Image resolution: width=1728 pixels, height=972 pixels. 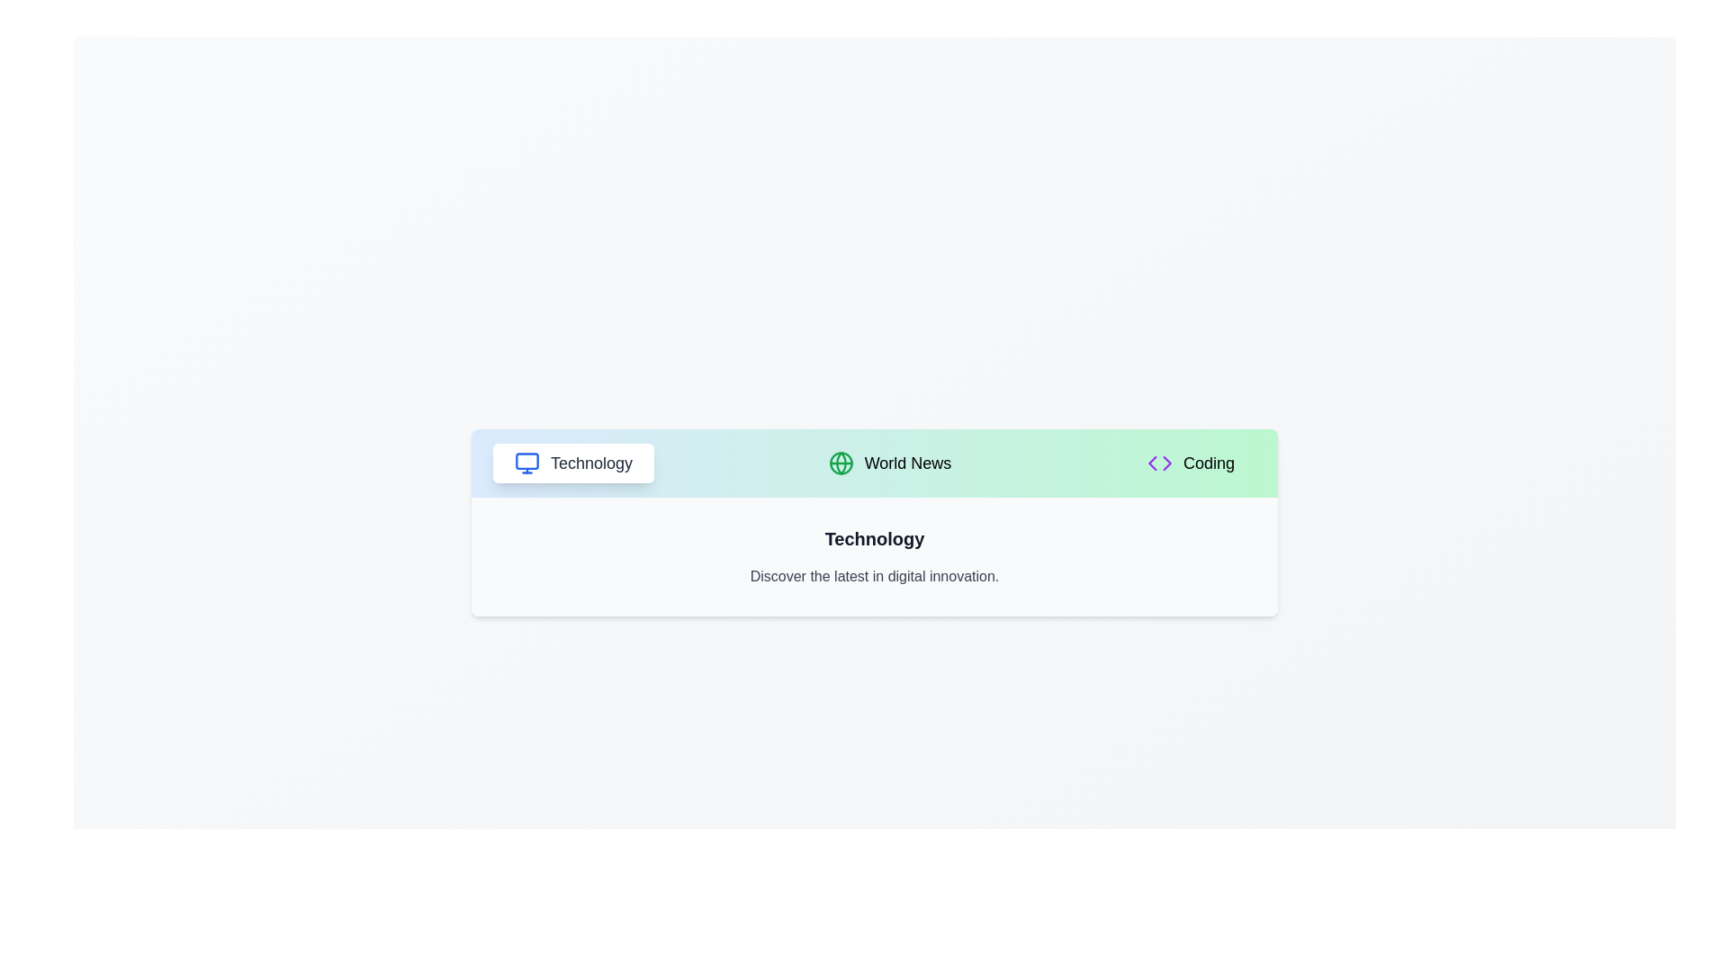 I want to click on the World News tab to switch views, so click(x=889, y=463).